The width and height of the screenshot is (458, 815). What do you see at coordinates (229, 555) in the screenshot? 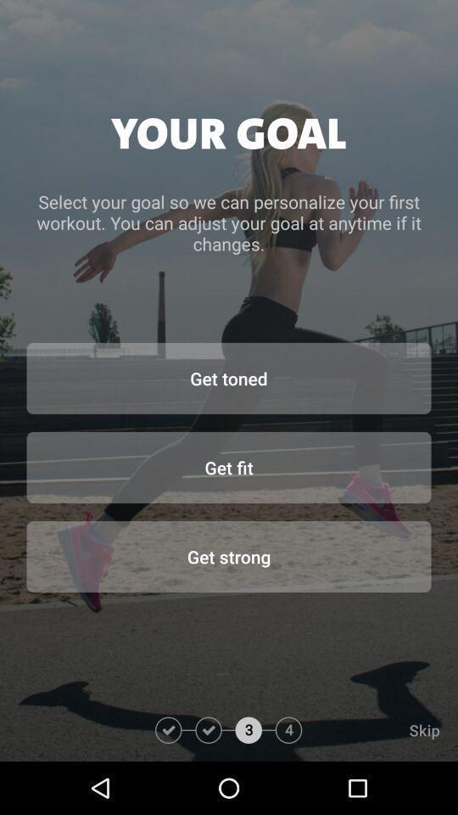
I see `icon below the get fit` at bounding box center [229, 555].